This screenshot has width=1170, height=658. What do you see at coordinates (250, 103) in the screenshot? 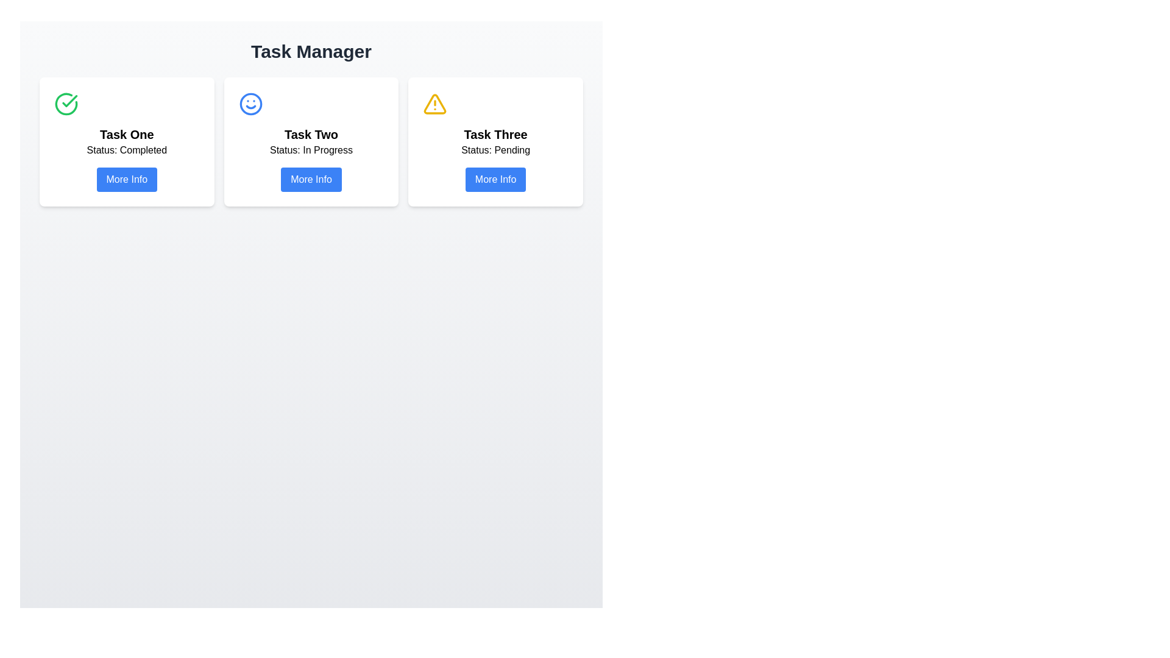
I see `the blue smiley icon located at the top-left corner inside the card for 'Task Two', positioned above the text 'Task Two' and 'Status: In Progress'` at bounding box center [250, 103].